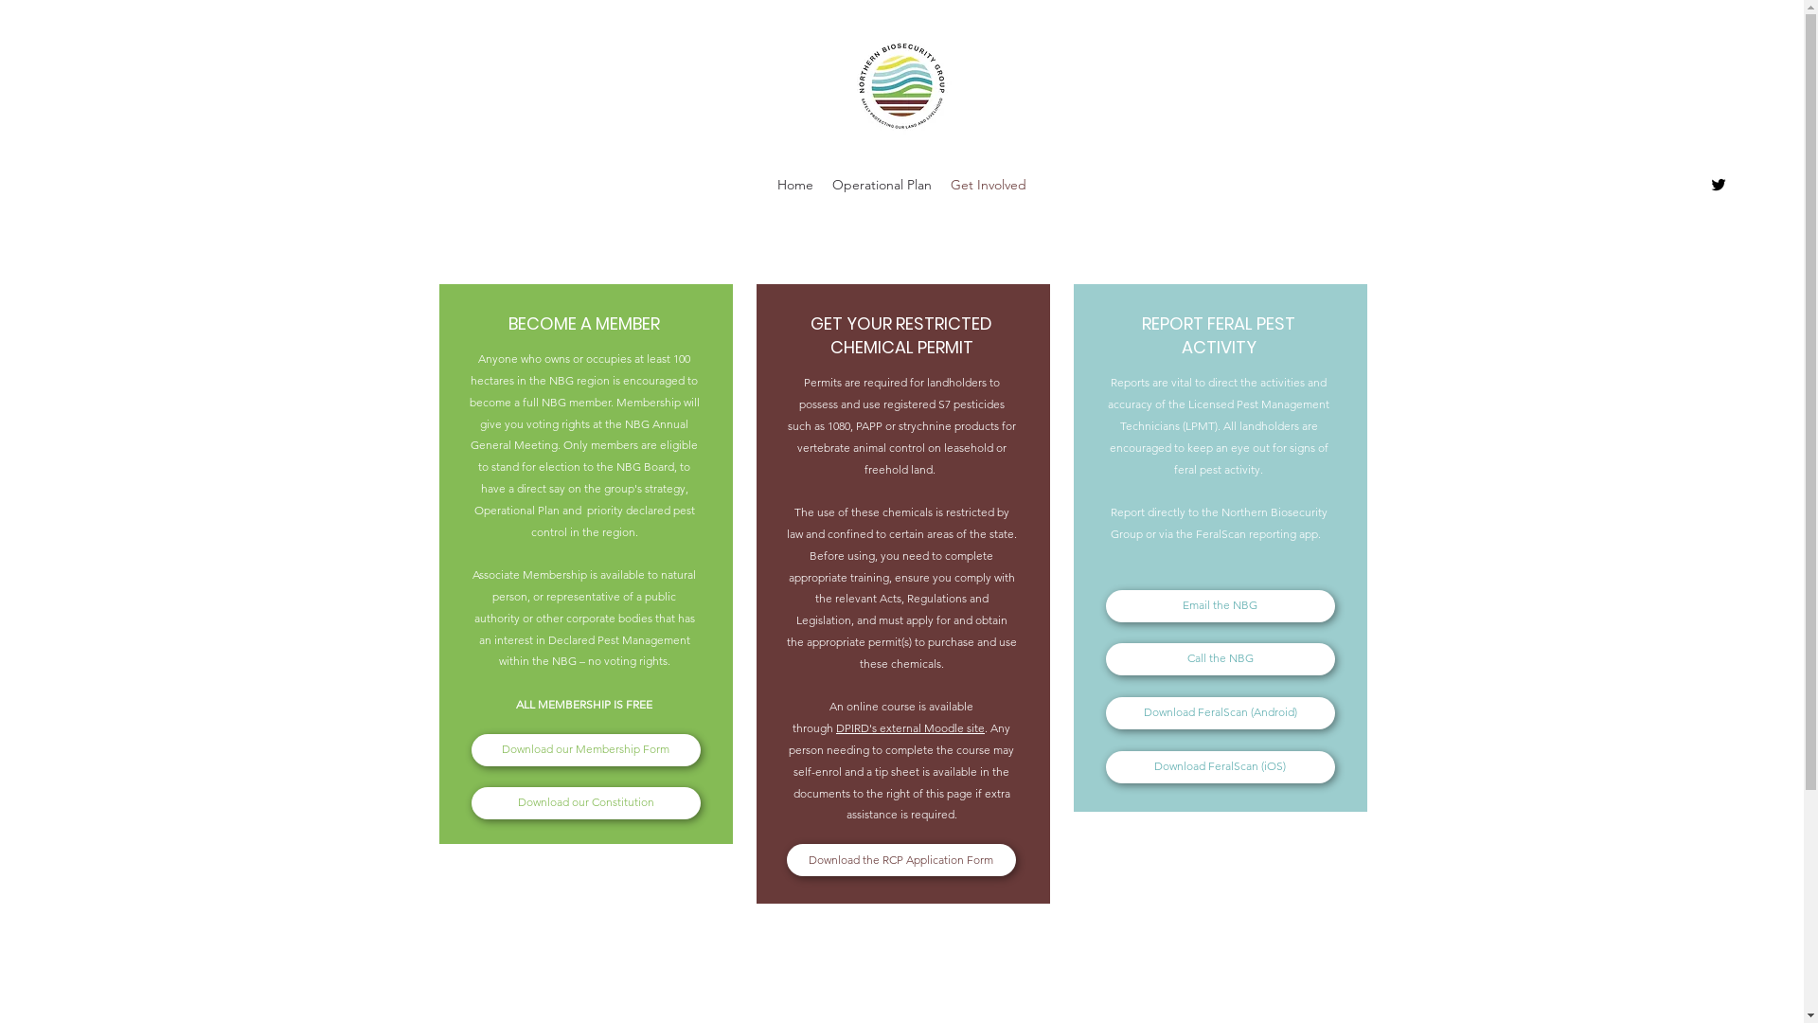 The image size is (1818, 1023). Describe the element at coordinates (1221, 606) in the screenshot. I see `'Email the NBG'` at that location.